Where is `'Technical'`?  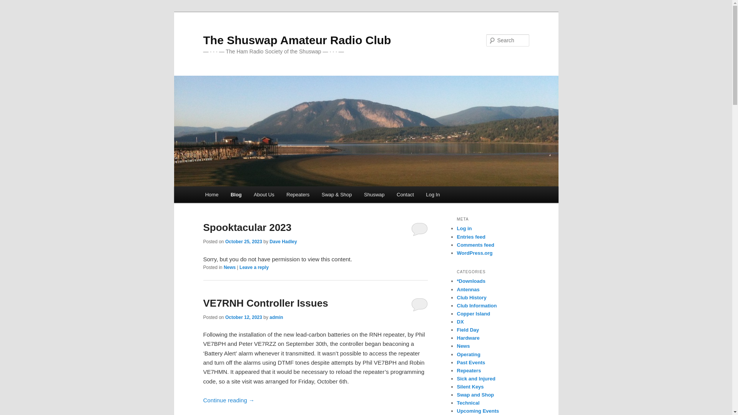
'Technical' is located at coordinates (467, 402).